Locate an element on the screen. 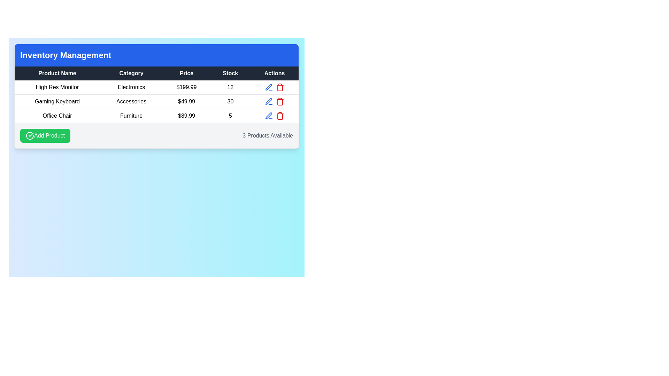  the label displaying 'Gaming Keyboard' in the second row of the product management table under the 'Product Name' column is located at coordinates (57, 102).